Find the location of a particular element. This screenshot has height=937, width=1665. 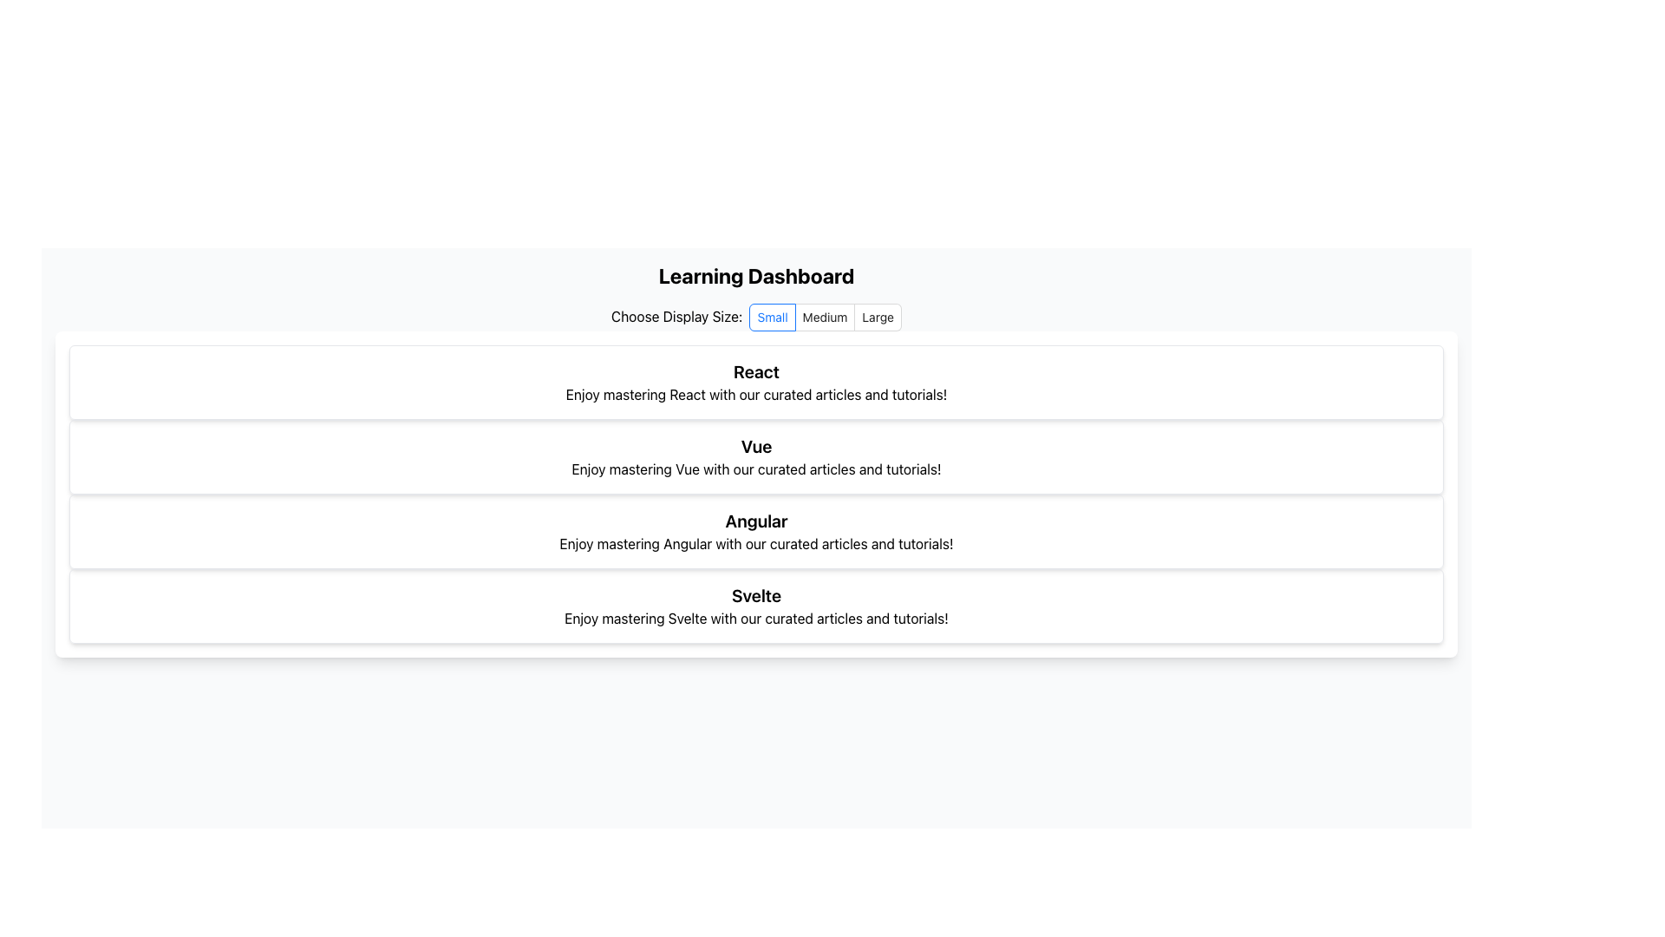

text string 'Enjoy mastering Vue with our curated articles and tutorials!' located below the title 'Vue' within the second card in a list of framework cards is located at coordinates (756, 468).